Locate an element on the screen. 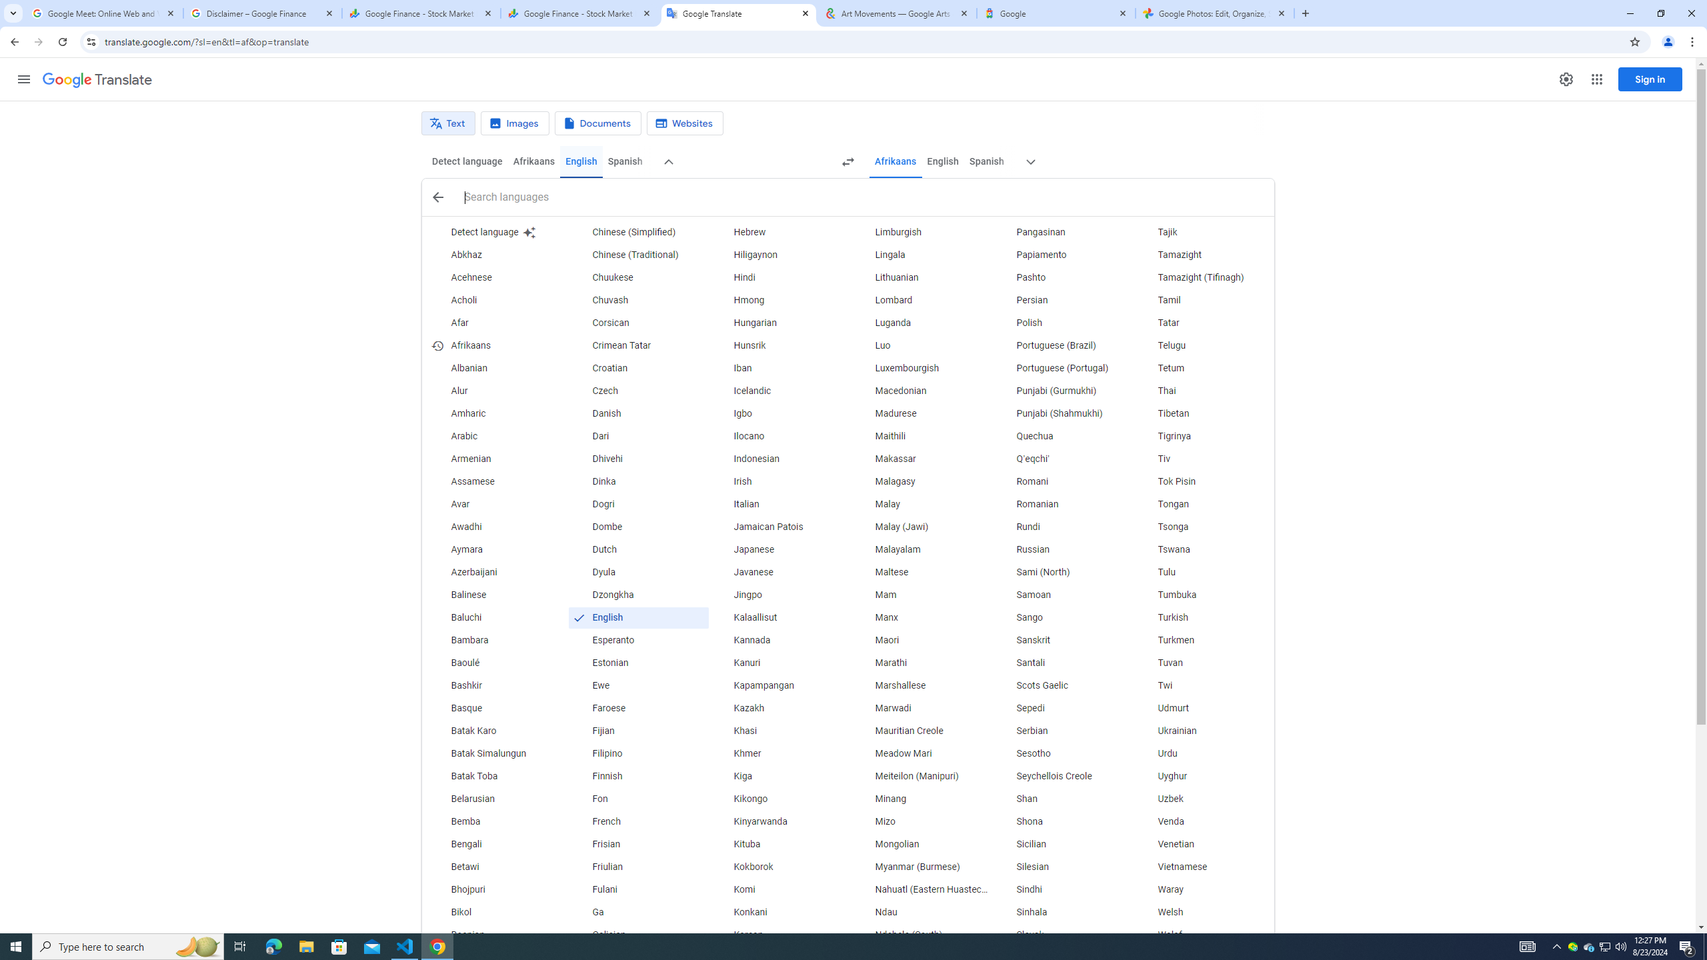 Image resolution: width=1707 pixels, height=960 pixels. 'Chinese (Traditional)' is located at coordinates (638, 255).